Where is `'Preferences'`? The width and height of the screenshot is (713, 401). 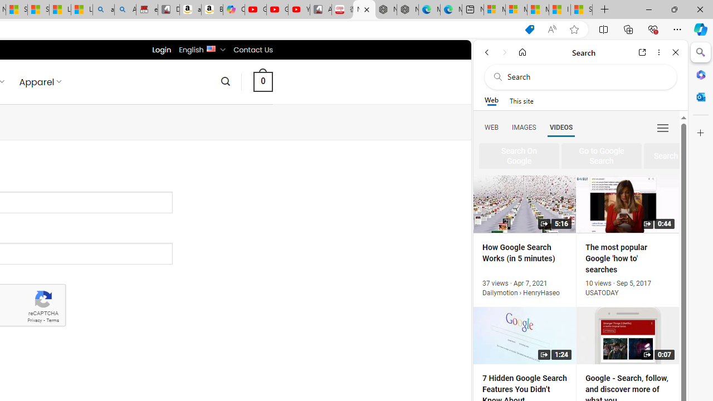
'Preferences' is located at coordinates (662, 126).